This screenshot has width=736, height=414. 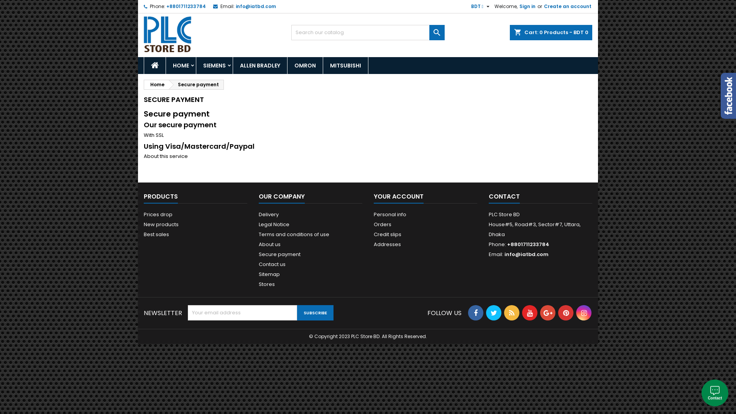 I want to click on 'Sign in', so click(x=527, y=6).